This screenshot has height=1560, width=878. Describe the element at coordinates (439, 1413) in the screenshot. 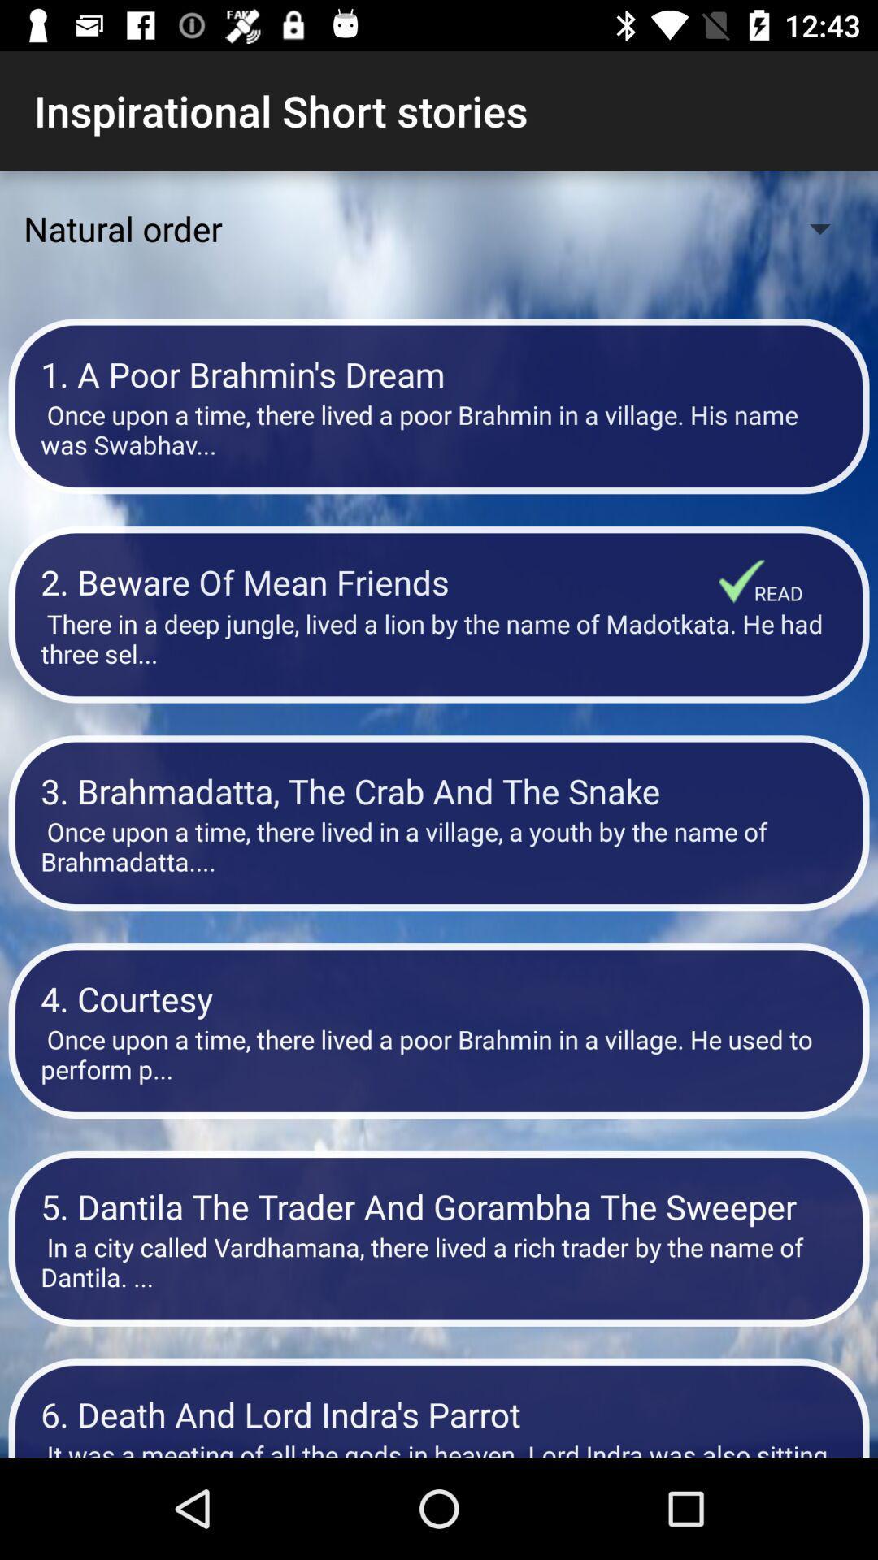

I see `item above the it was a` at that location.